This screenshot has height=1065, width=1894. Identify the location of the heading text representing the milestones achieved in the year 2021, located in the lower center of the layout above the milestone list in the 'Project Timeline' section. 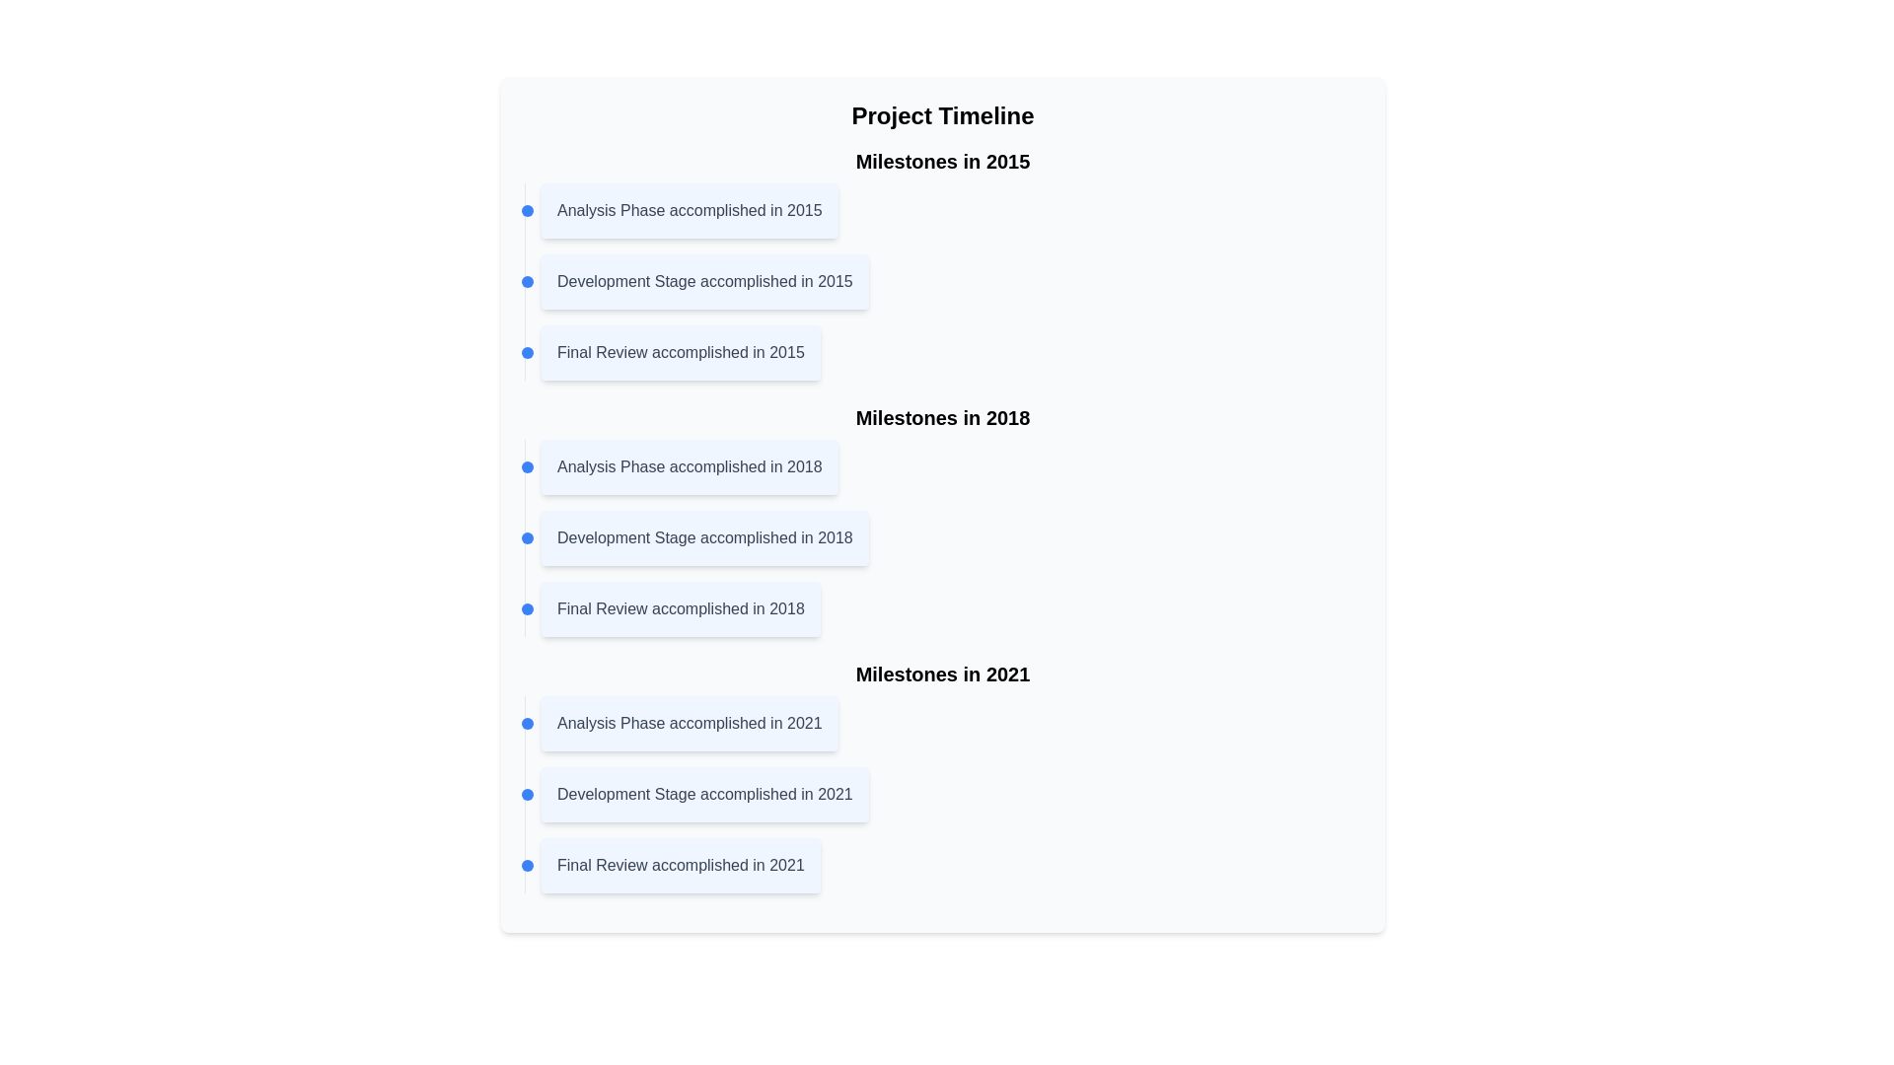
(941, 673).